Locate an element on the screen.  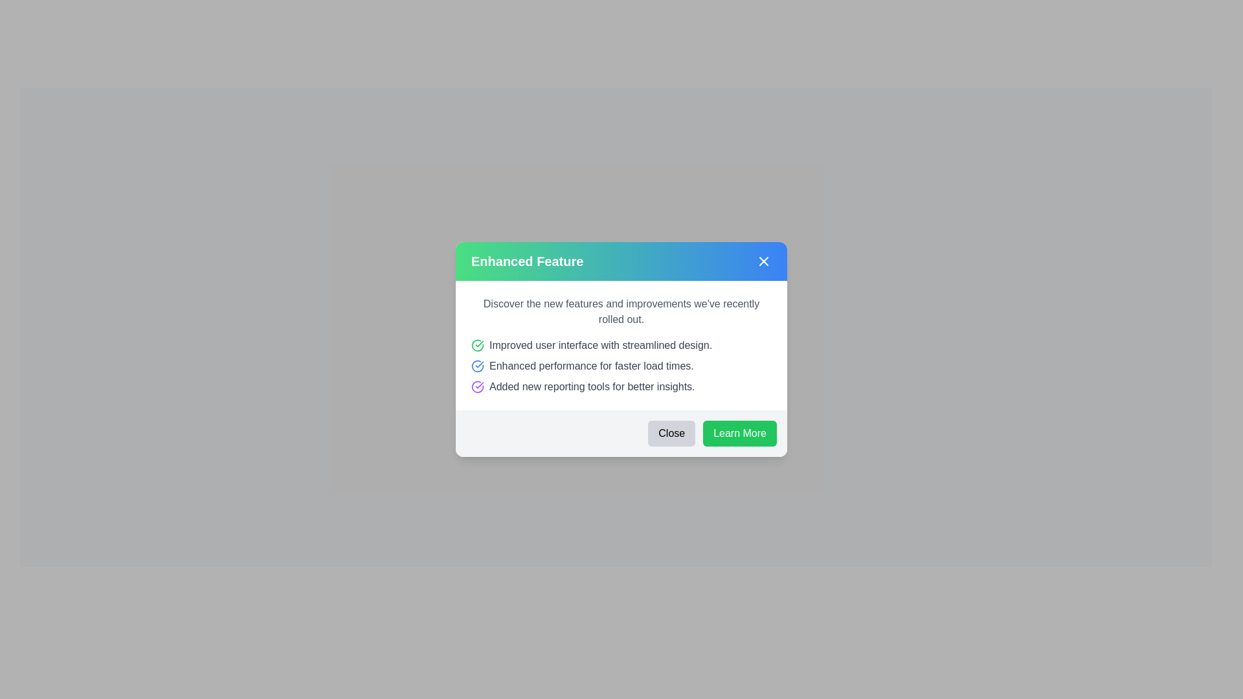
the Text block with icons that provides a summary of product updates and improvements, located near the center of the modal window, below the introductory header text is located at coordinates (621, 366).